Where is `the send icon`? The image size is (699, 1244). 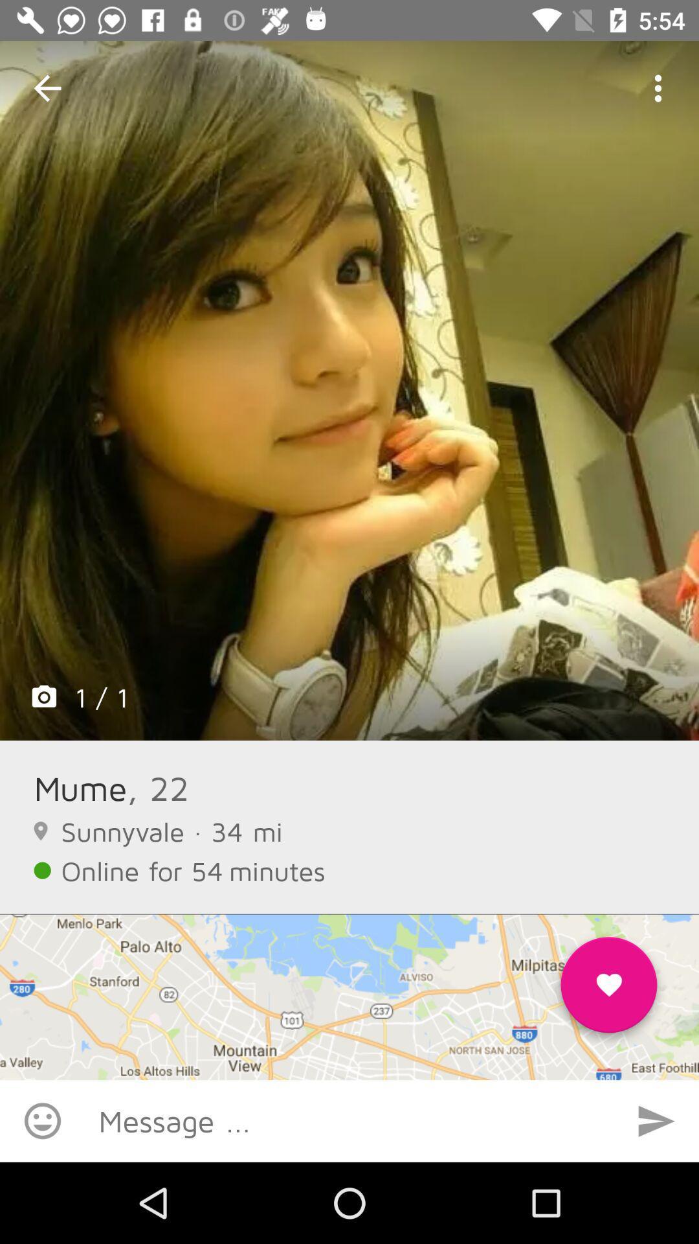
the send icon is located at coordinates (656, 1120).